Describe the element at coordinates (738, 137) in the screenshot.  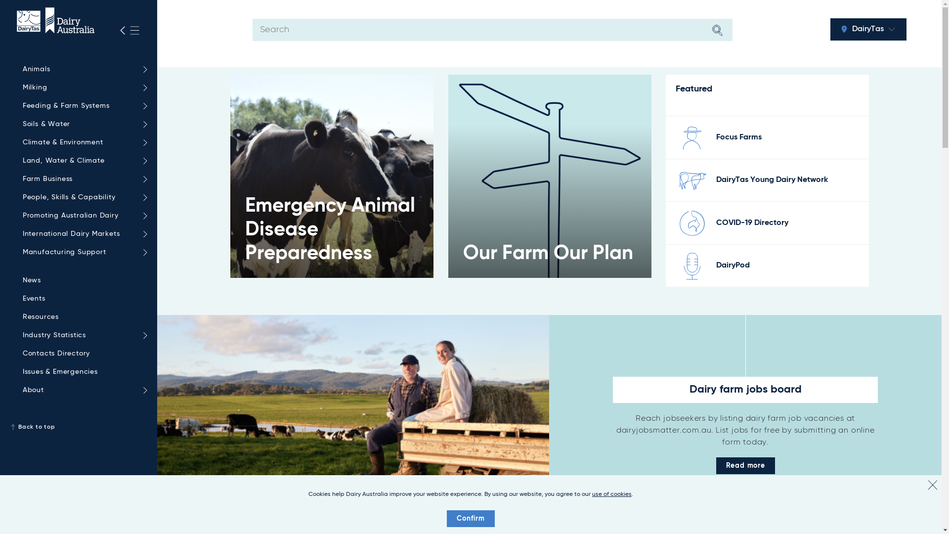
I see `'Focus Farms'` at that location.